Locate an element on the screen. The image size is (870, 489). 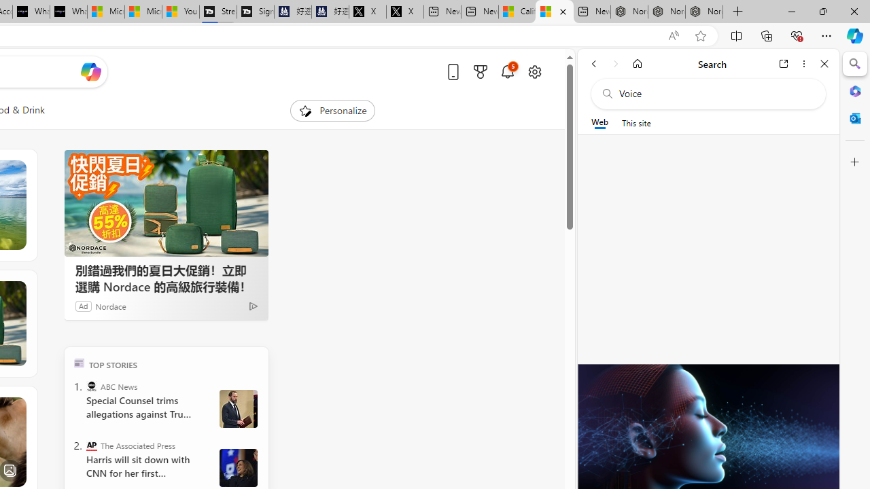
'Open link in new tab' is located at coordinates (784, 63).